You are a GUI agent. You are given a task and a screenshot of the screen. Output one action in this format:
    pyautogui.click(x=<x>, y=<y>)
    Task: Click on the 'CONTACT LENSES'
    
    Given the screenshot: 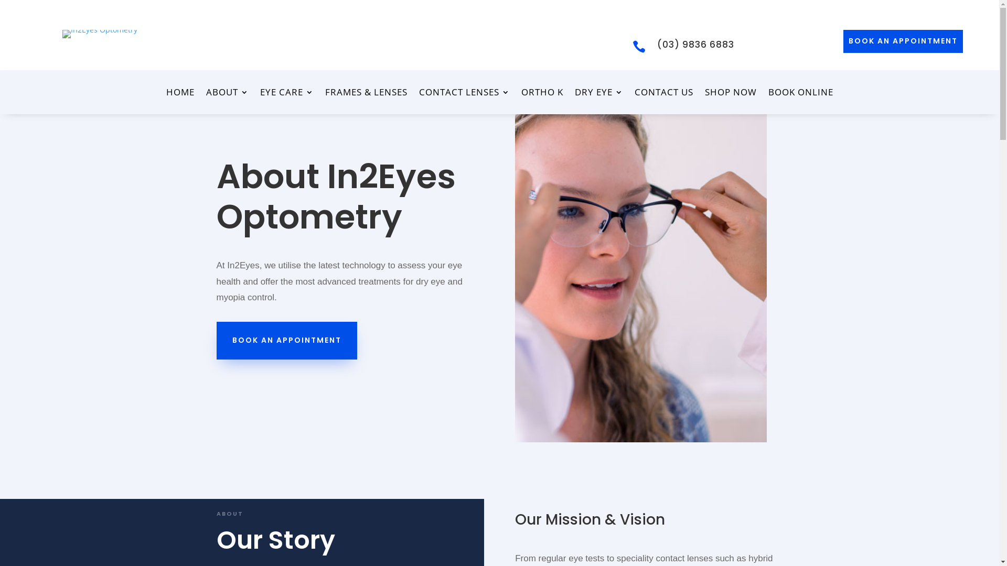 What is the action you would take?
    pyautogui.click(x=463, y=94)
    